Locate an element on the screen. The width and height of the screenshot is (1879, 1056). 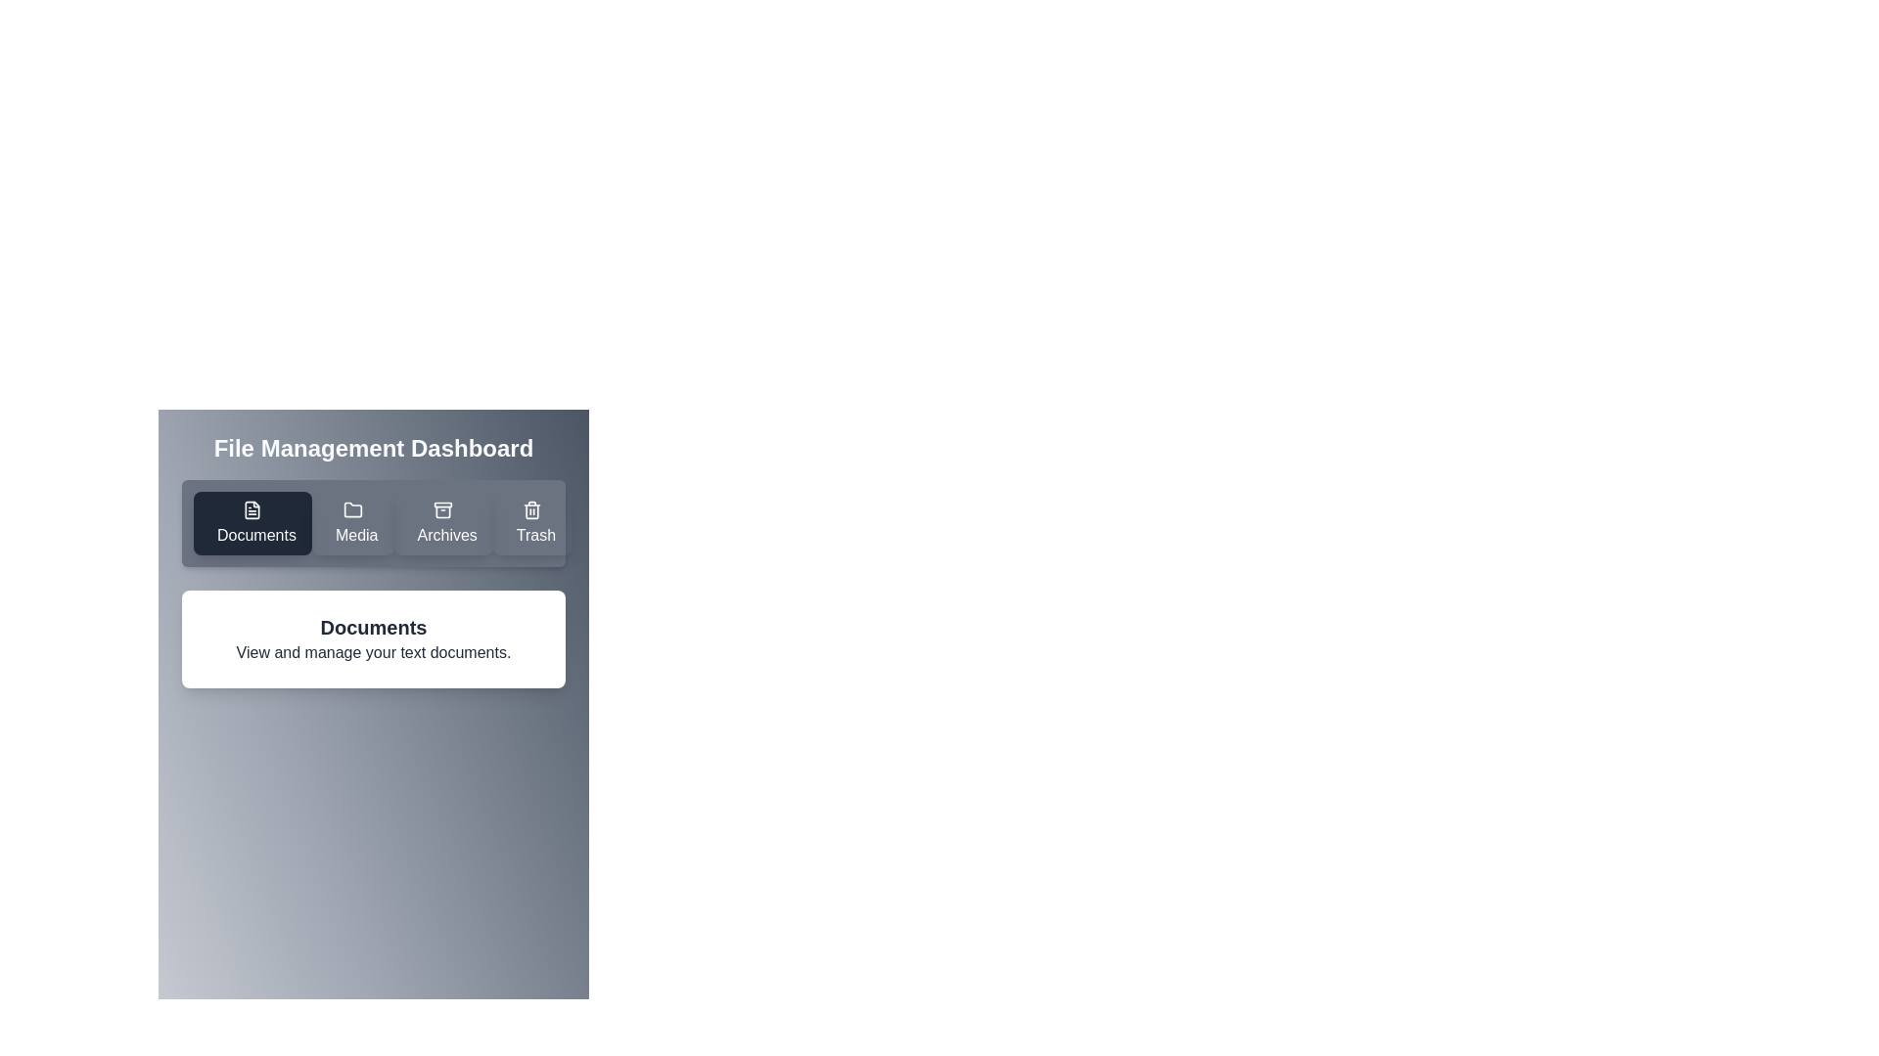
the 'Documents' tab to refresh its content is located at coordinates (252, 522).